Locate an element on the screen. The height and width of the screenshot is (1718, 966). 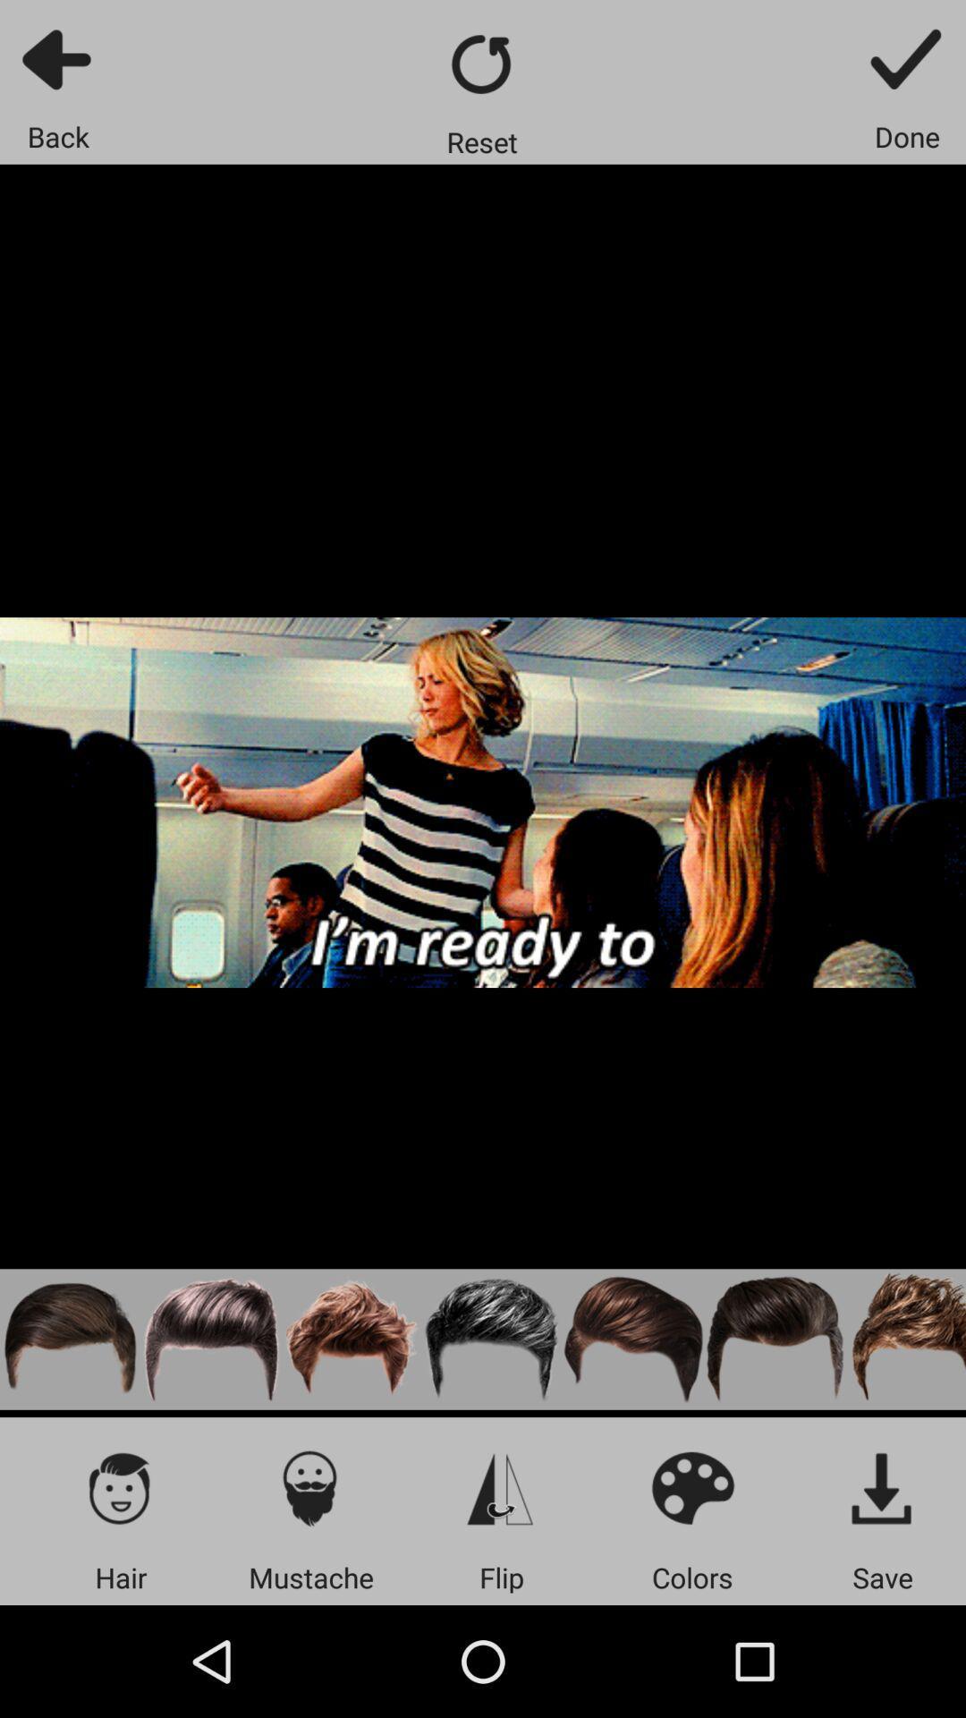
icon above hair is located at coordinates (121, 1487).